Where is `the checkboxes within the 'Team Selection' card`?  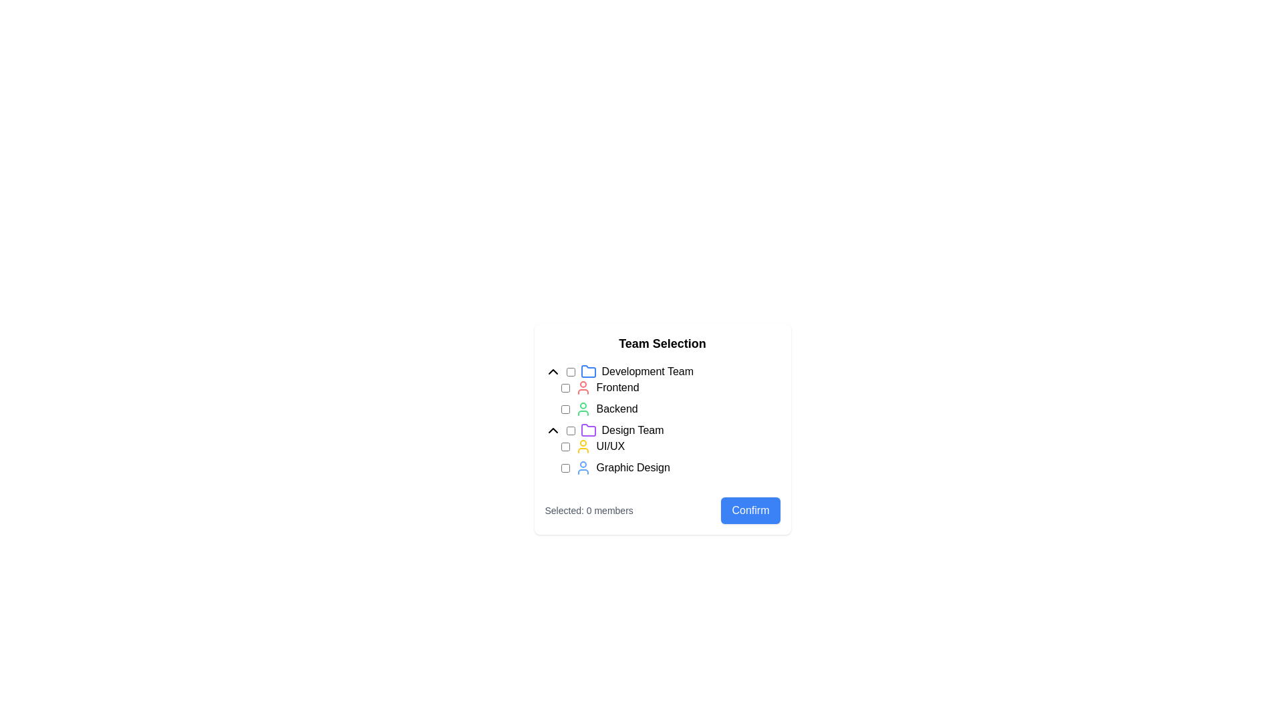 the checkboxes within the 'Team Selection' card is located at coordinates (662, 429).